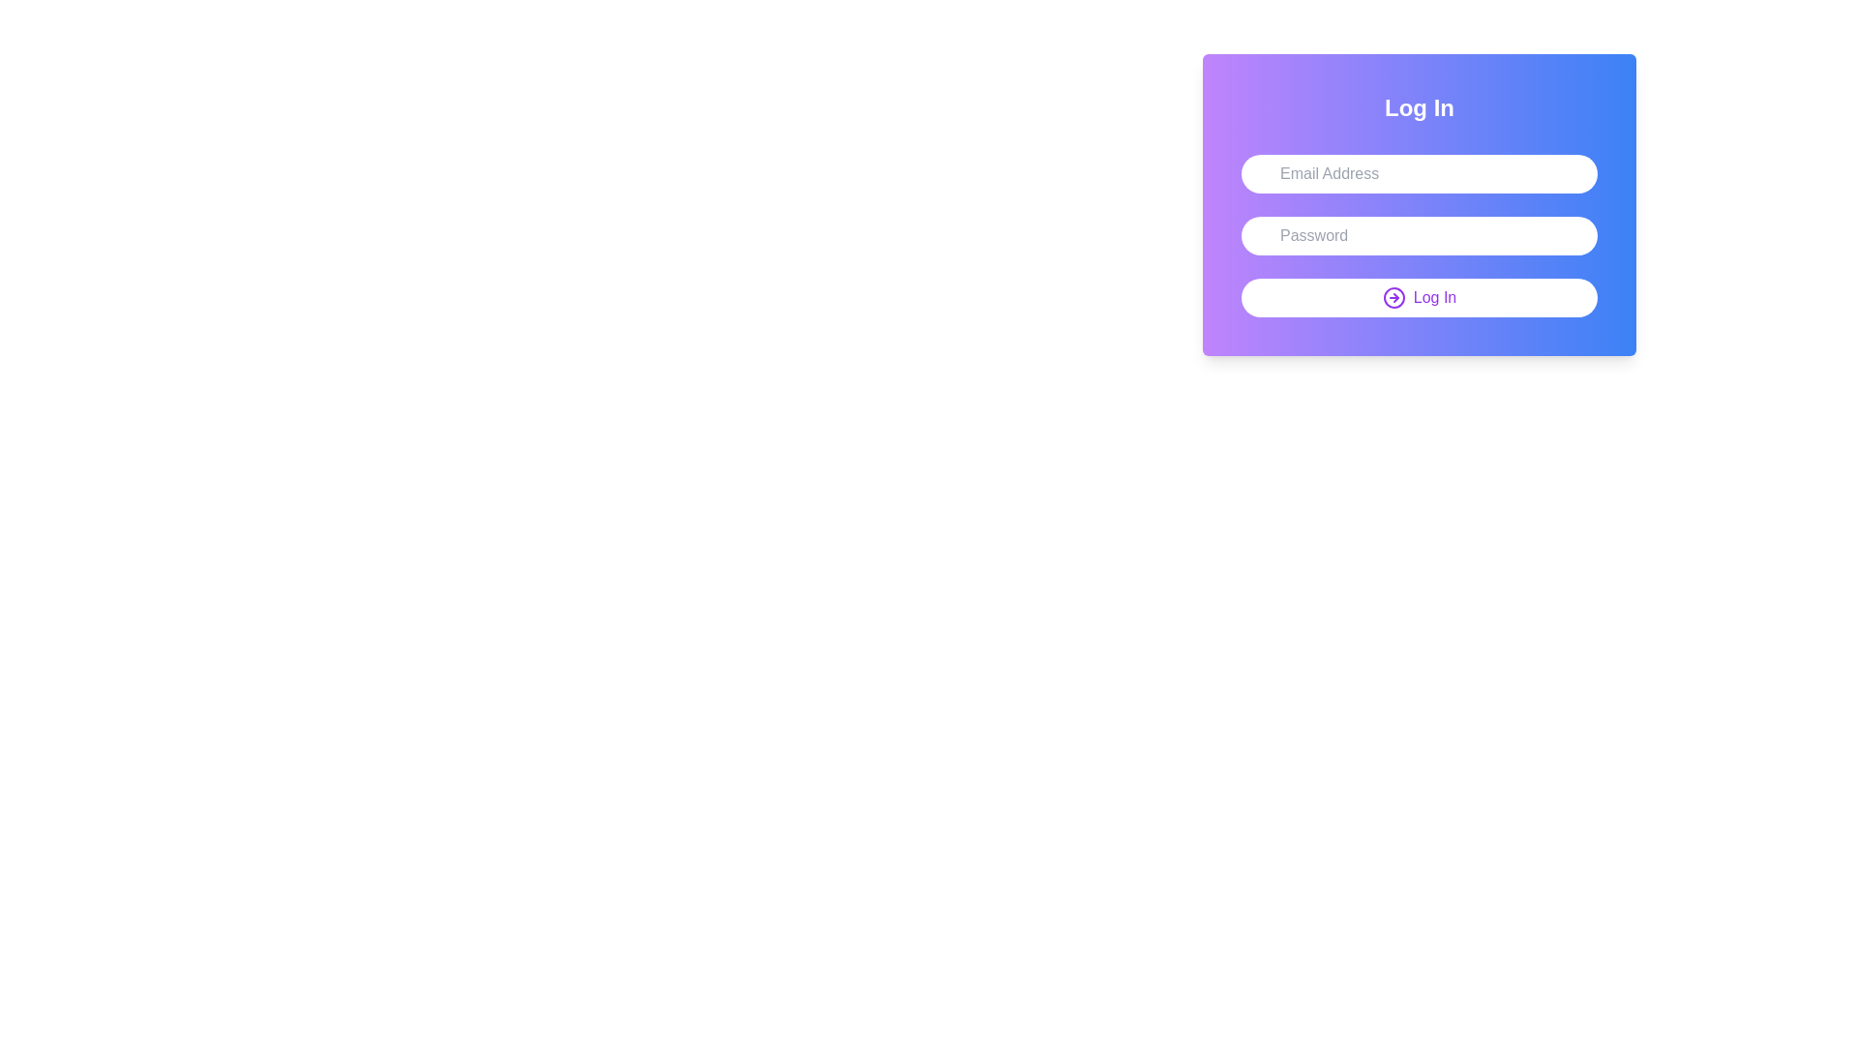  I want to click on the input fields of the user login interface, so click(1420, 234).